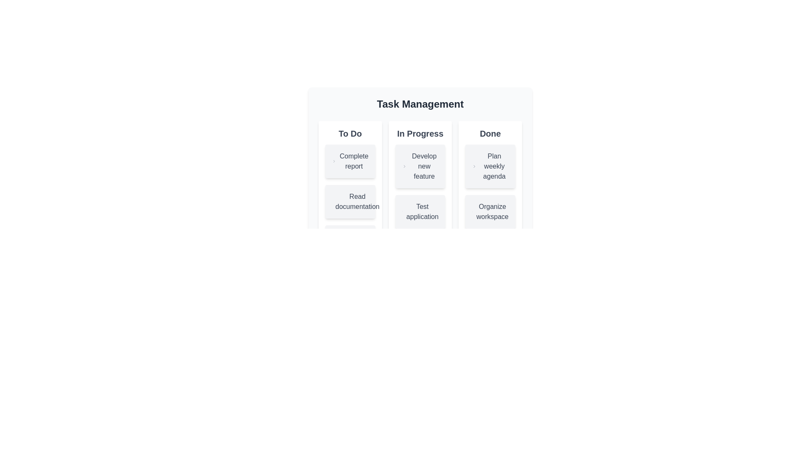 This screenshot has height=454, width=807. What do you see at coordinates (420, 207) in the screenshot?
I see `on the 'Test application' card in the 'In Progress' section of the Task Management interface` at bounding box center [420, 207].